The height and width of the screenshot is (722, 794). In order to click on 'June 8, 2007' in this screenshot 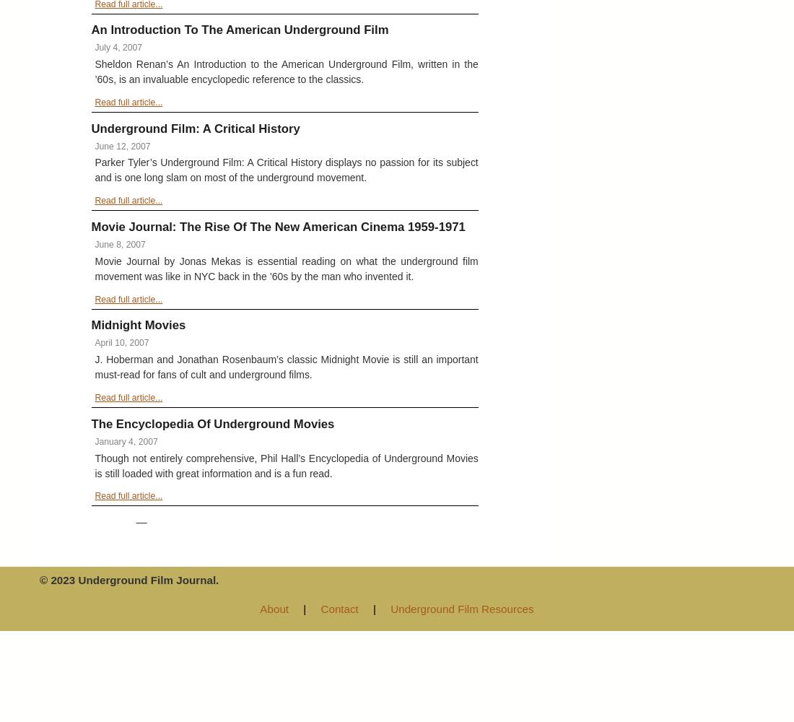, I will do `click(118, 243)`.